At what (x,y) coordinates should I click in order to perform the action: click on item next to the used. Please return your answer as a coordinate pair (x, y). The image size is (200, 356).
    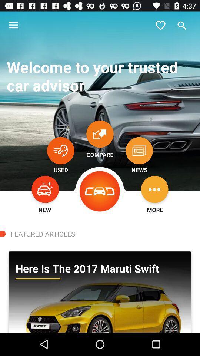
    Looking at the image, I should click on (100, 191).